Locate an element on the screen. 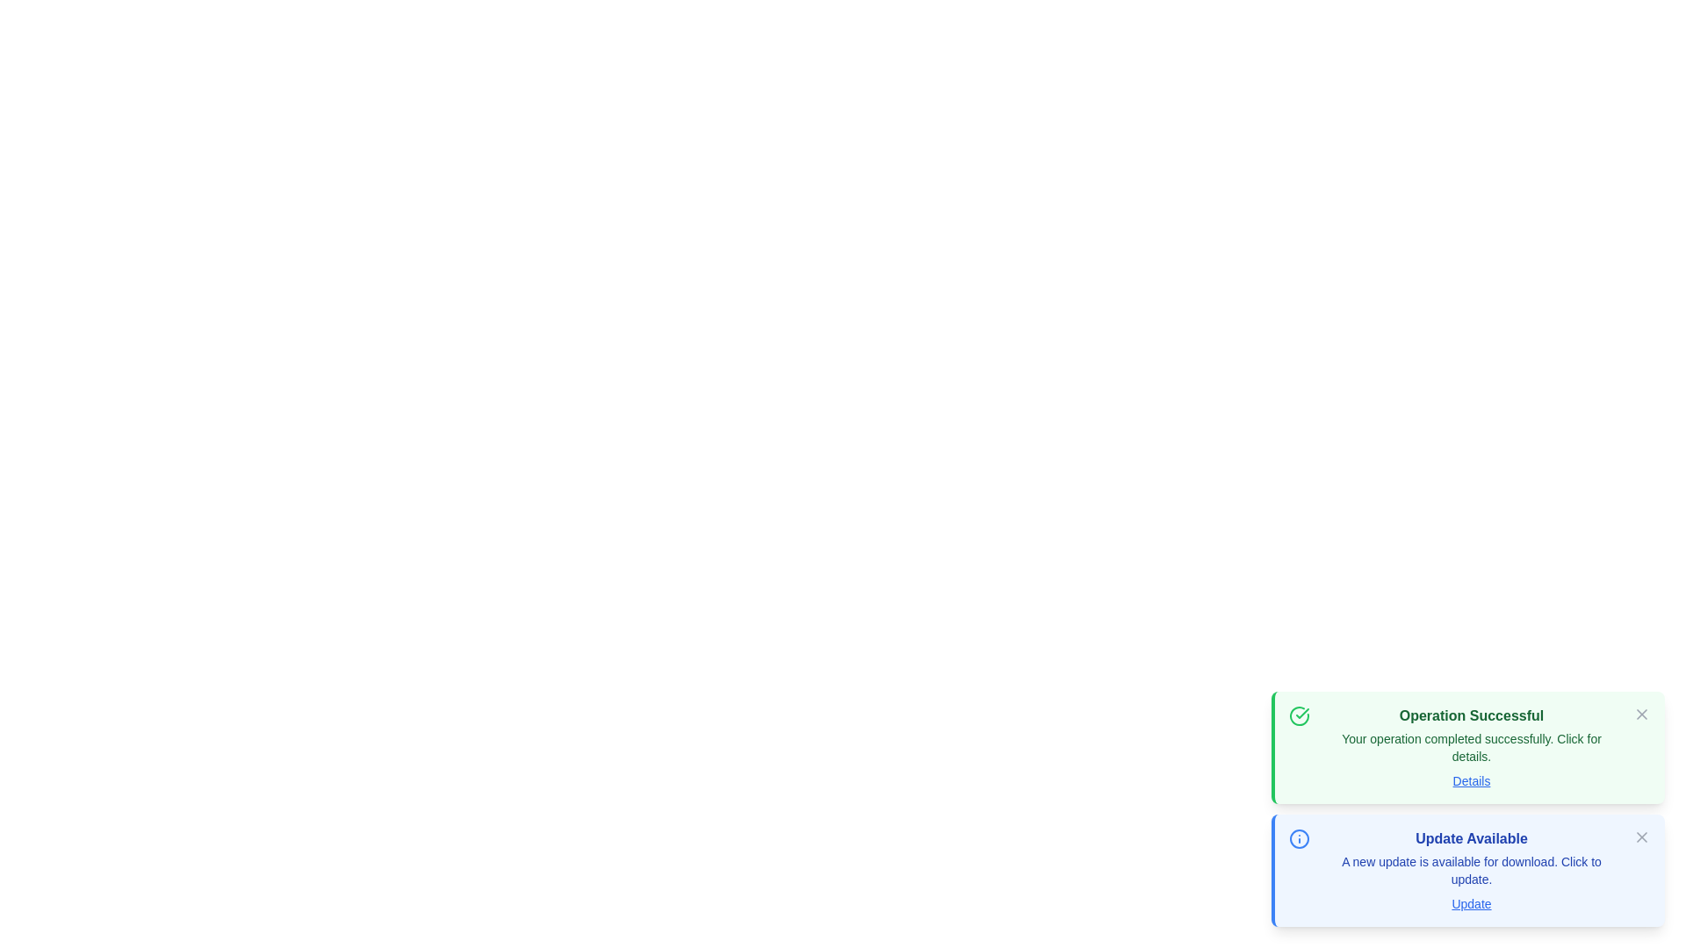 This screenshot has height=948, width=1686. the dismiss button with an 'X' icon located at the top-right corner of the 'Operation Successful' notification is located at coordinates (1641, 714).